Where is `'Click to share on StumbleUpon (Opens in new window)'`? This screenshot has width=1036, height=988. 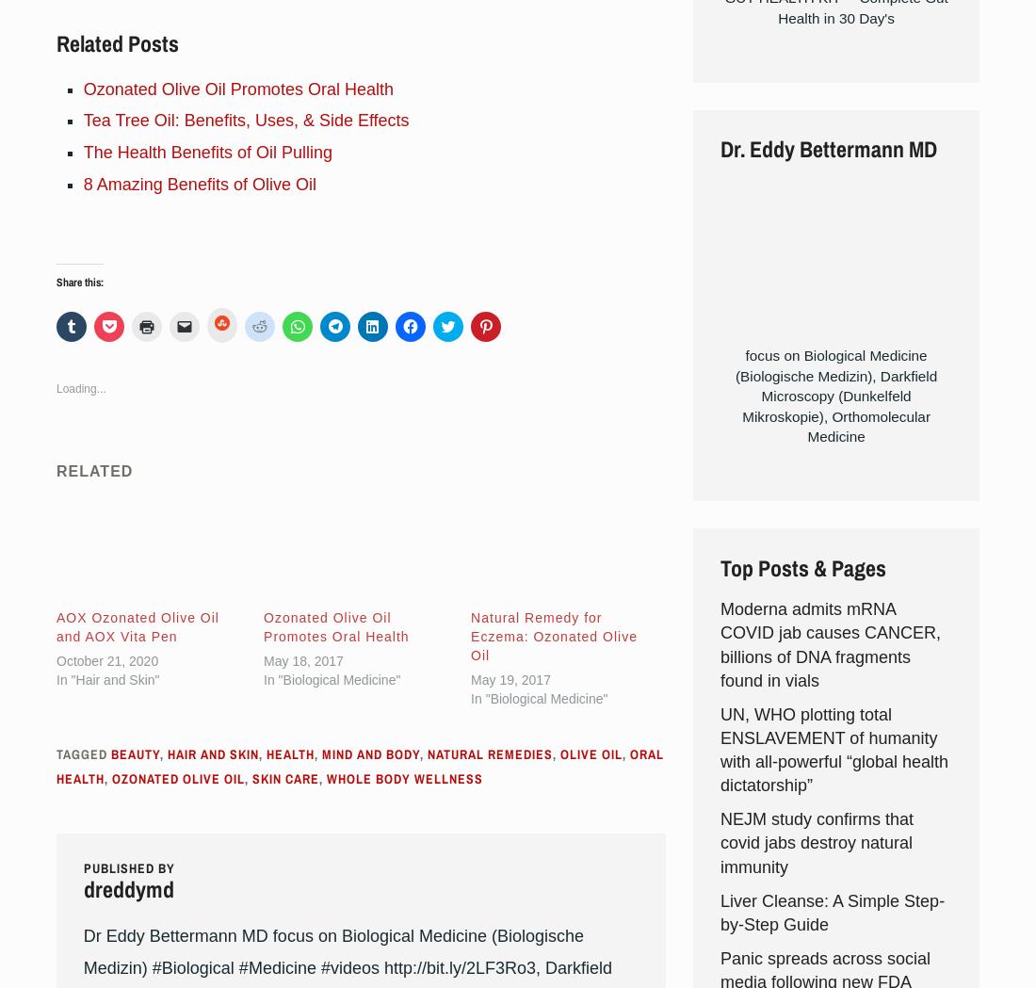 'Click to share on StumbleUpon (Opens in new window)' is located at coordinates (250, 577).